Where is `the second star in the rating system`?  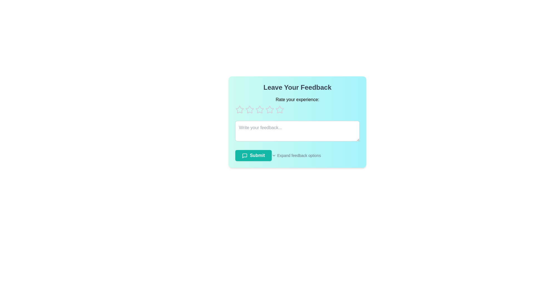
the second star in the rating system is located at coordinates (259, 109).